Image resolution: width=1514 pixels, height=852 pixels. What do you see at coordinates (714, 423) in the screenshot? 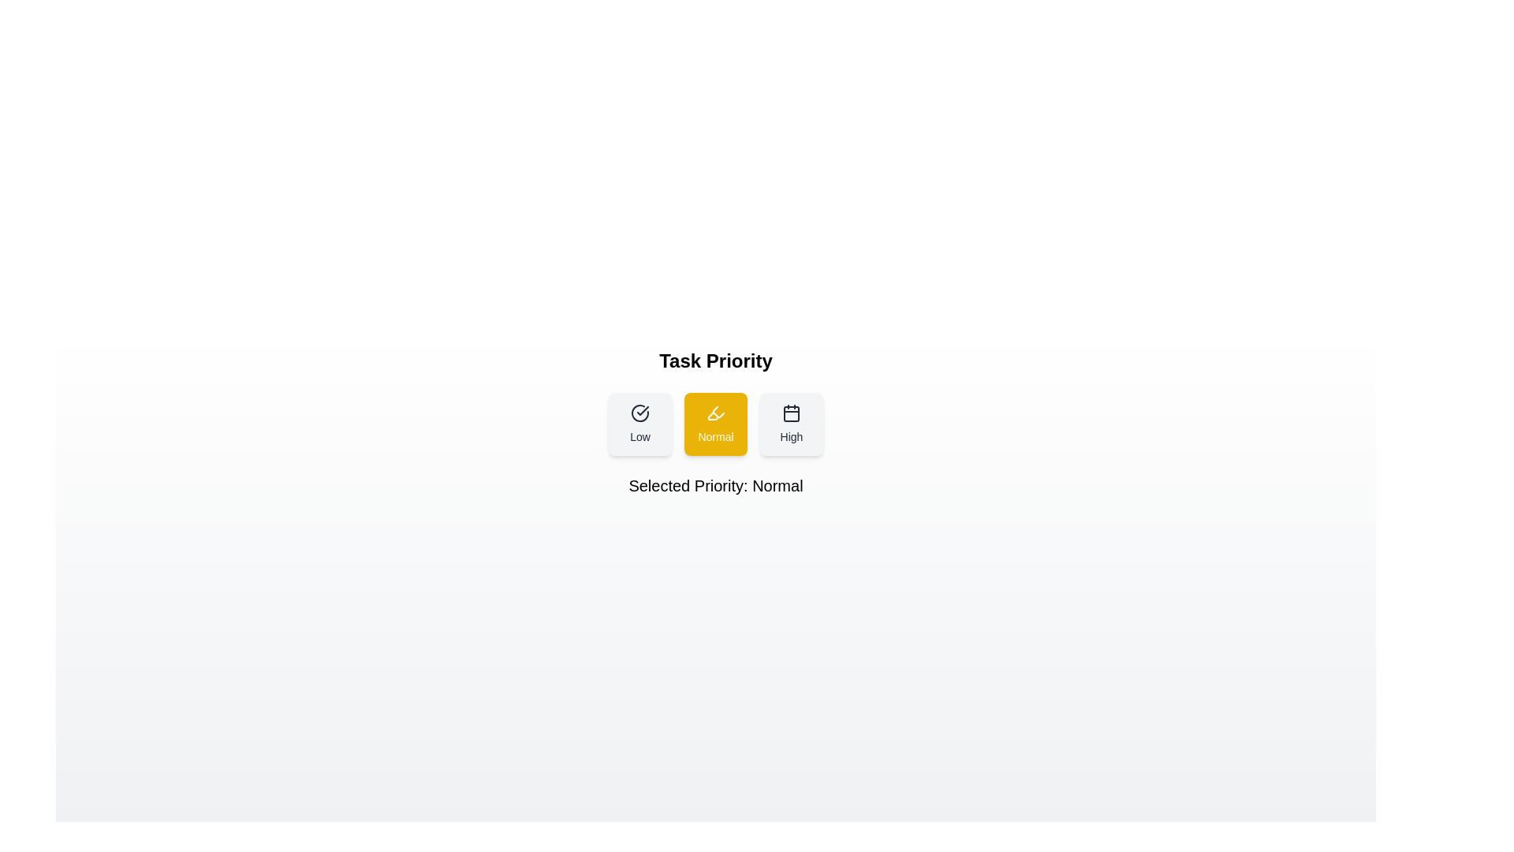
I see `the 'Normal' priority button to select it` at bounding box center [714, 423].